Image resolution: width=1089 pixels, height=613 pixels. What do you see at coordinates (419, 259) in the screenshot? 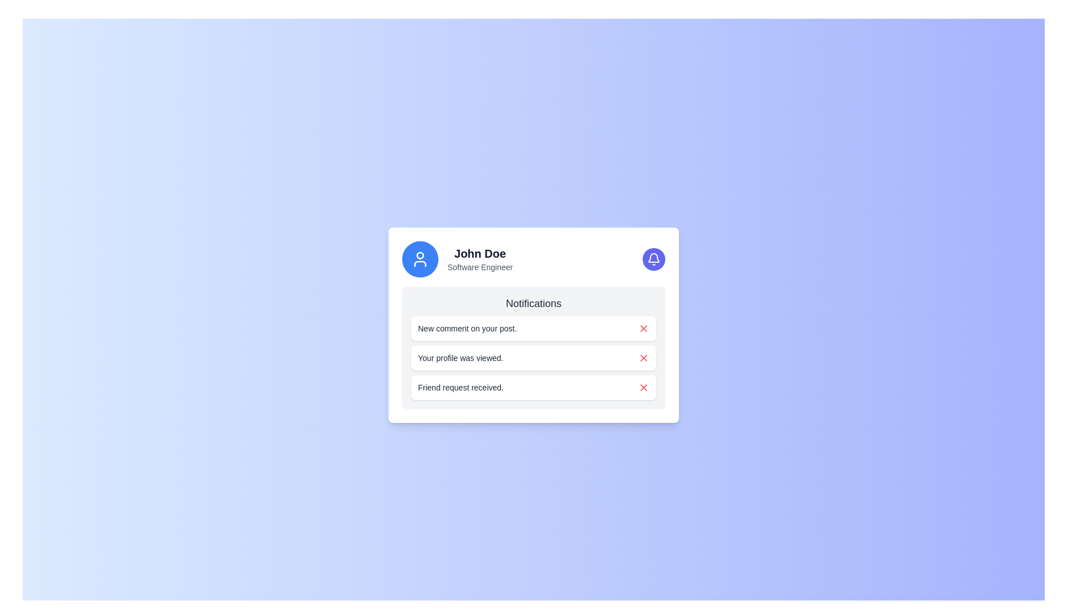
I see `the user avatar icon, which is styled with an outline and enclosed in a circular blue background, located on the left side of the card next to text for 'John Doe' and 'Software Engineer'` at bounding box center [419, 259].